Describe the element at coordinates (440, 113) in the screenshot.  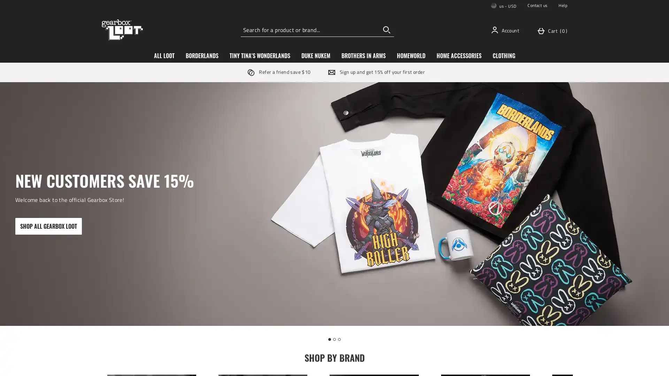
I see `Close` at that location.